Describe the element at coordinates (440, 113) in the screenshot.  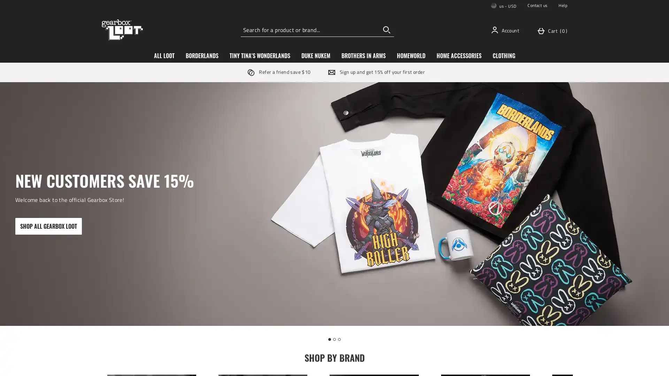
I see `Close` at that location.